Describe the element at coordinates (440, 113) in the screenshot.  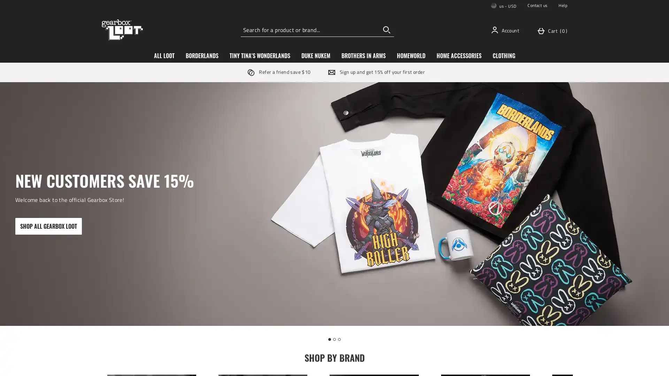
I see `Close` at that location.